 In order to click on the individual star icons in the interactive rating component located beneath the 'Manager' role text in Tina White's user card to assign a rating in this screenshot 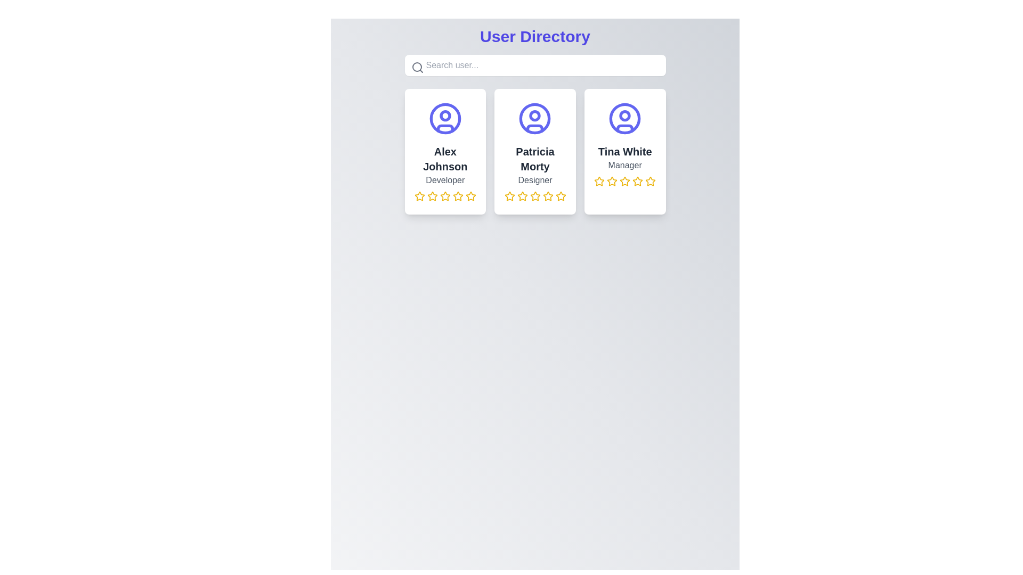, I will do `click(625, 180)`.